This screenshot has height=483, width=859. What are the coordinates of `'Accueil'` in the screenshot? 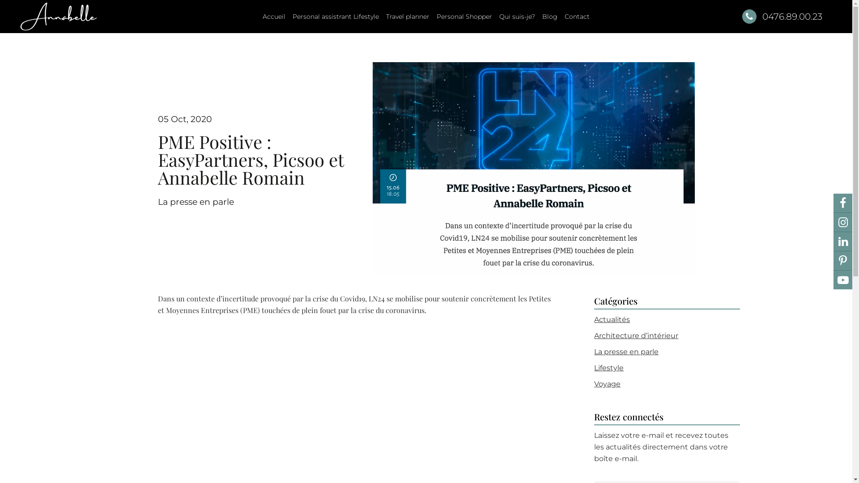 It's located at (259, 17).